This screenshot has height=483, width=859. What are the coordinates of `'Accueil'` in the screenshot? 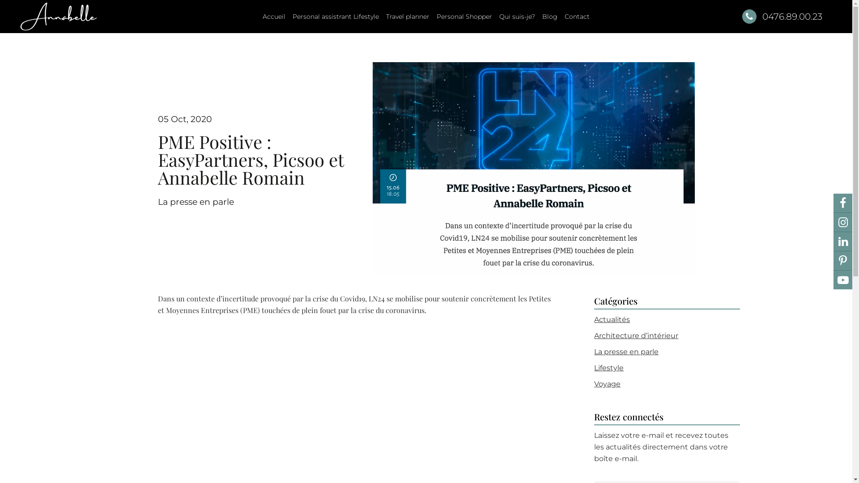 It's located at (259, 17).